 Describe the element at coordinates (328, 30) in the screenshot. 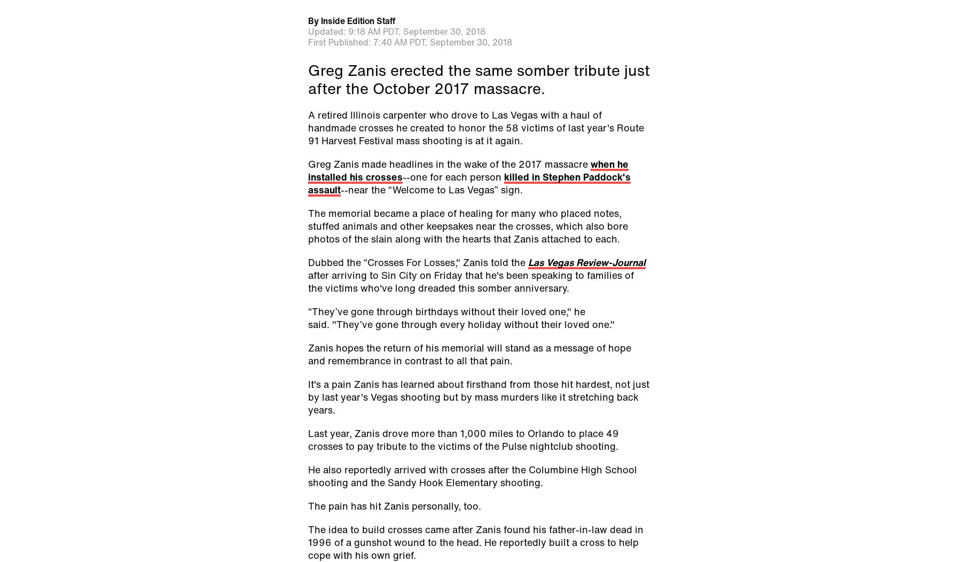

I see `'Updated:'` at that location.